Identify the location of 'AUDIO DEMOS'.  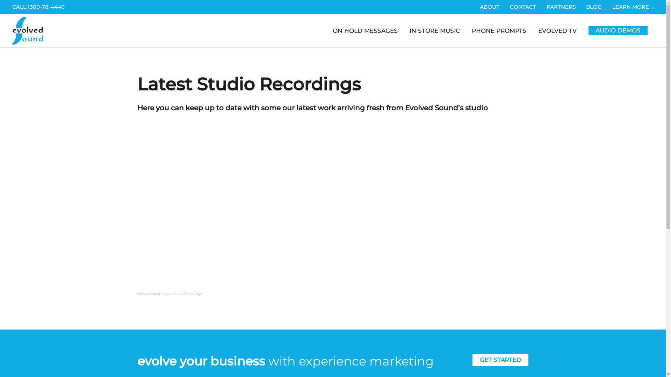
(618, 30).